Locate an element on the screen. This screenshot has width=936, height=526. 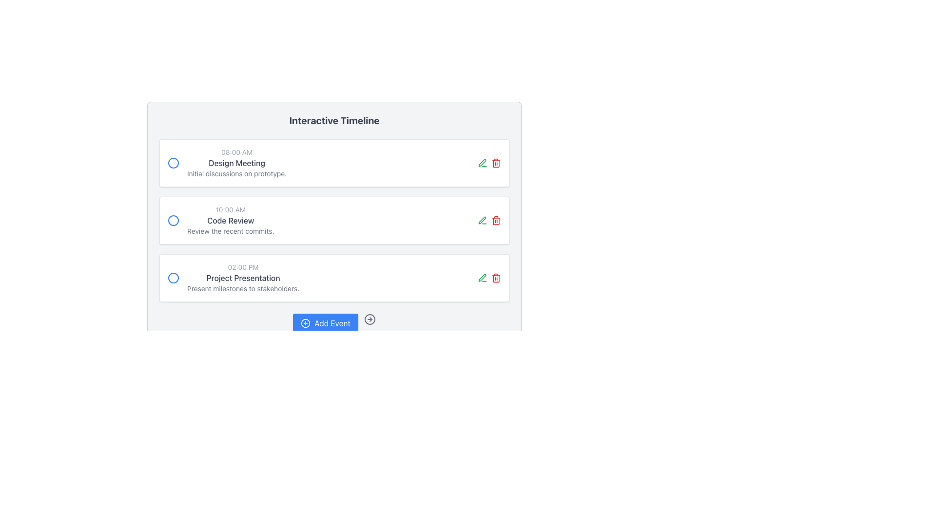
the 'Add Event' button located at the bottom of the timeline interface is located at coordinates (325, 323).